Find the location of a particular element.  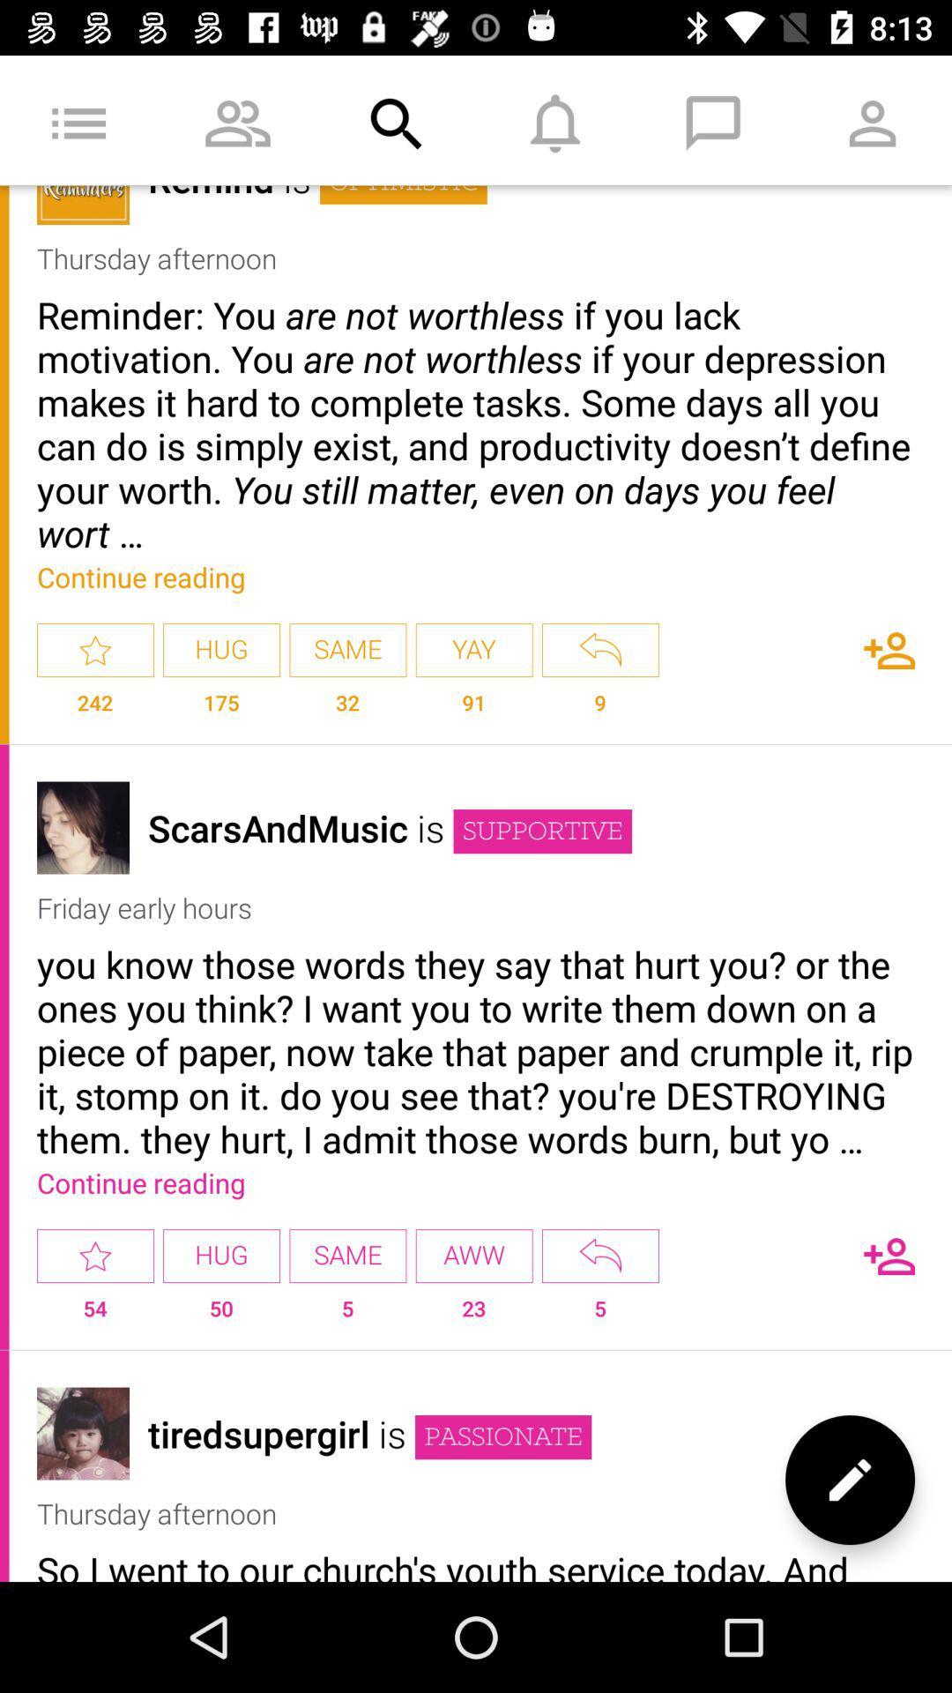

item to the left of hug app is located at coordinates (95, 1255).